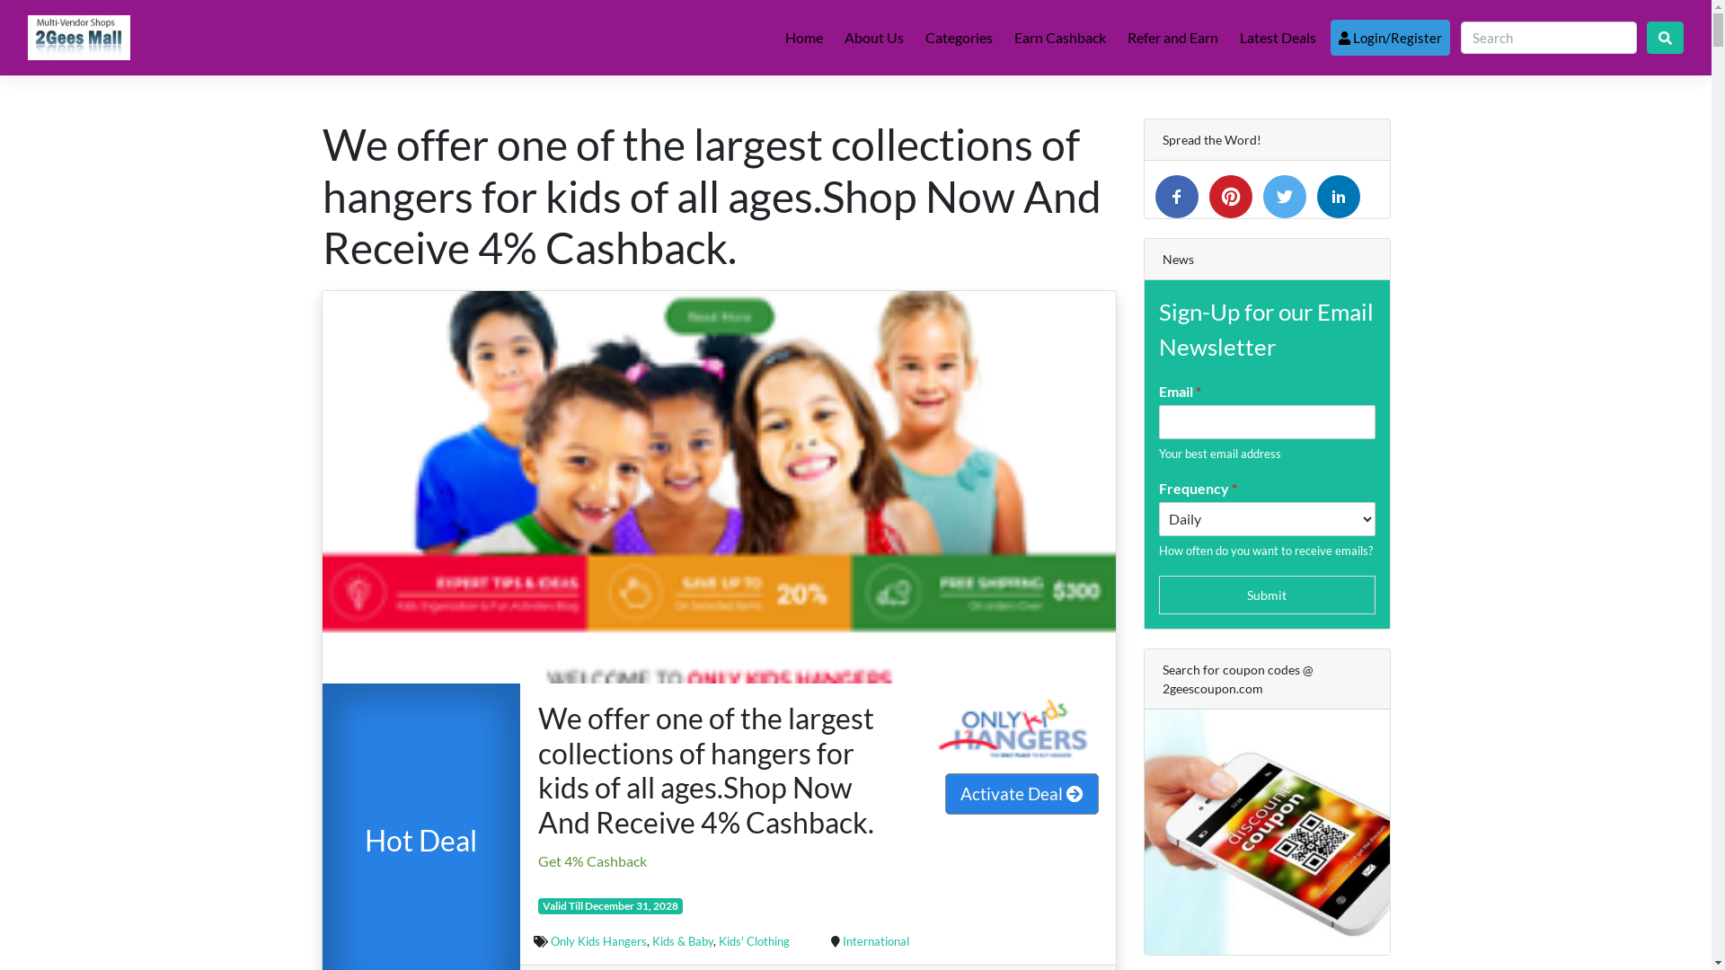 This screenshot has width=1725, height=970. I want to click on 'Earn Cashback', so click(1060, 38).